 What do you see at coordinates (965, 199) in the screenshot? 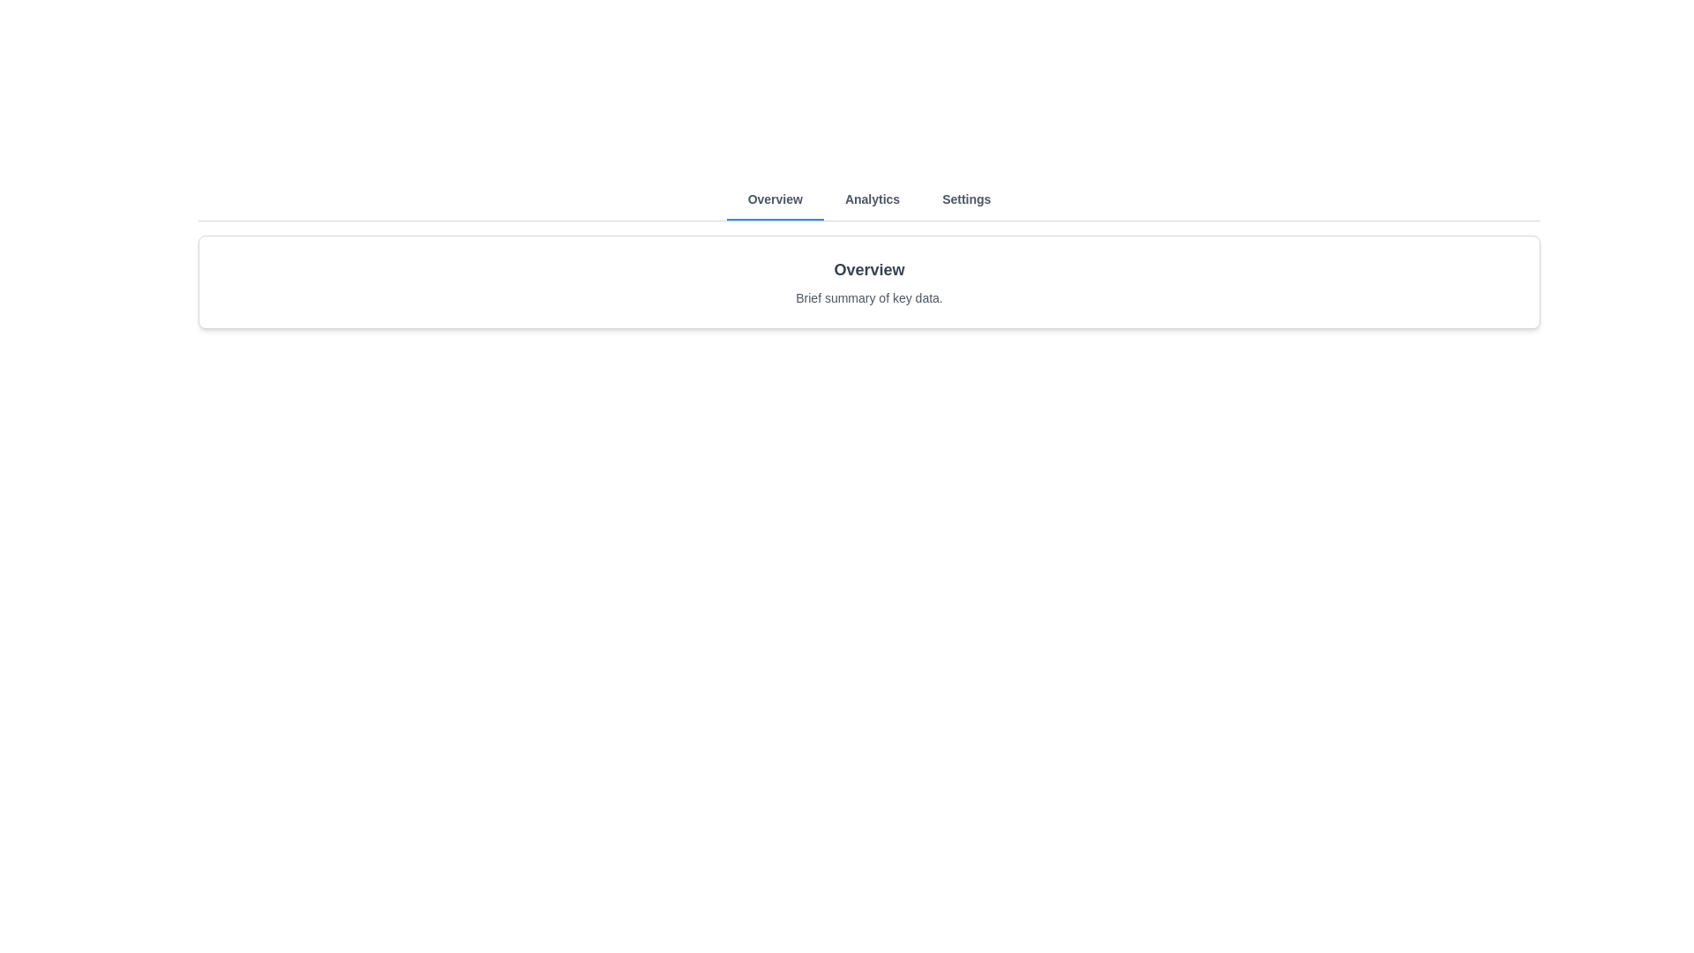
I see `the Settings tab` at bounding box center [965, 199].